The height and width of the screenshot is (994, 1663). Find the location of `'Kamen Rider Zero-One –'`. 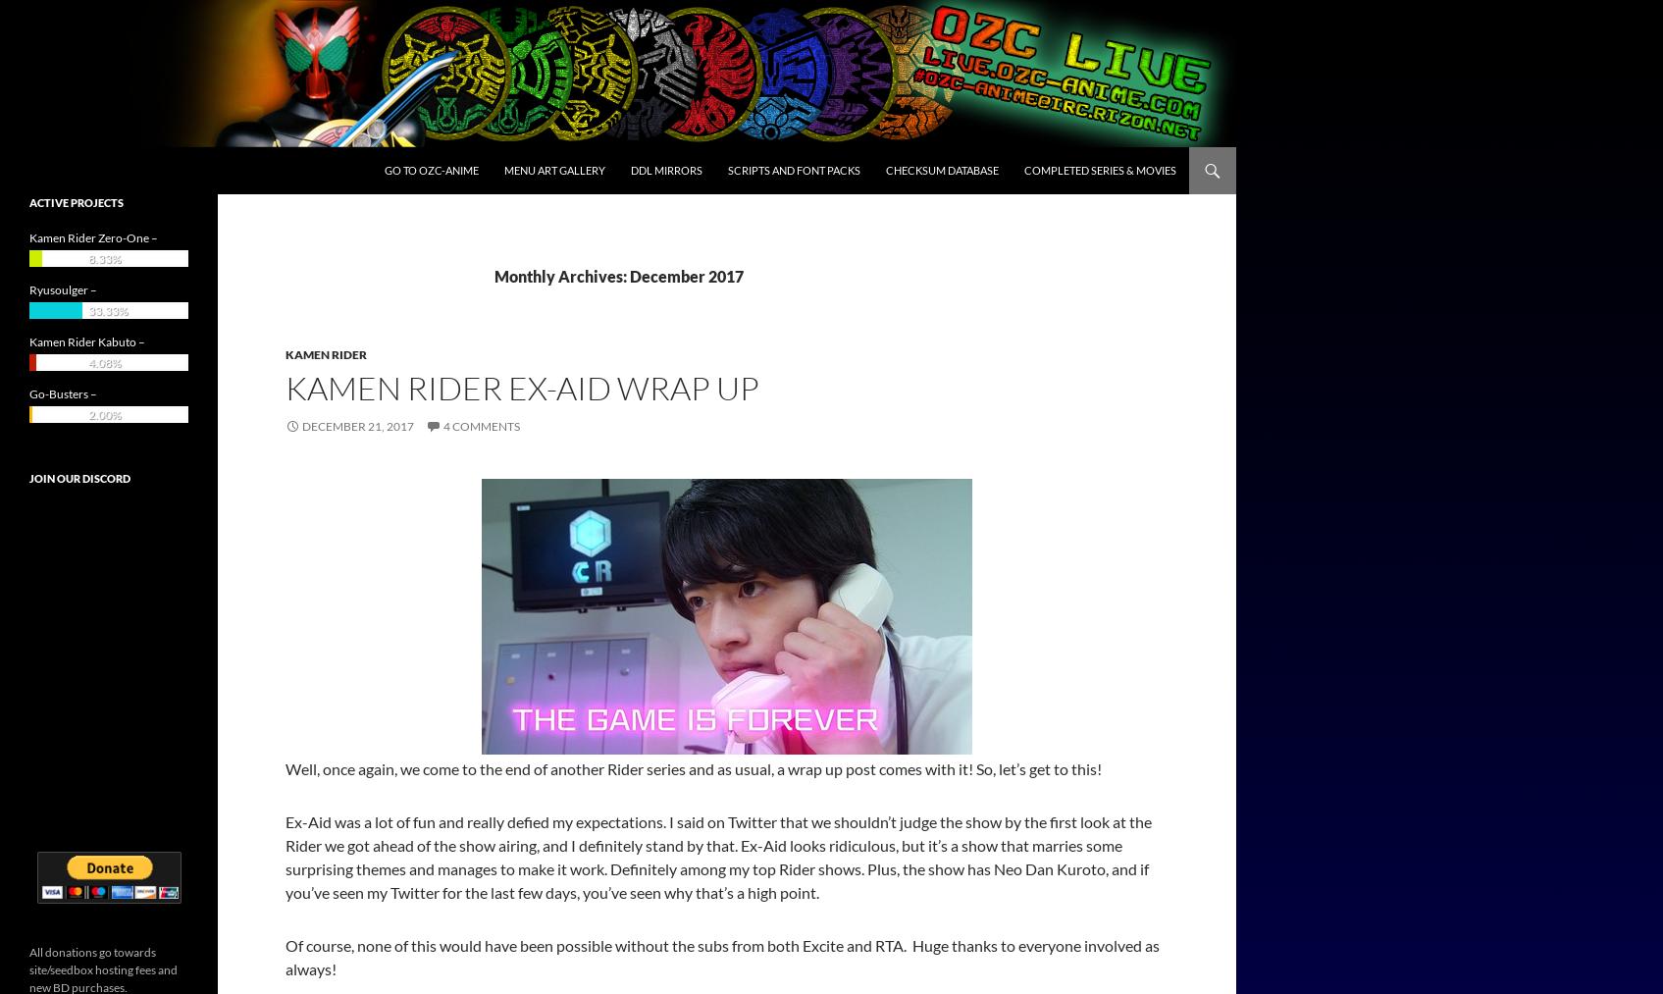

'Kamen Rider Zero-One –' is located at coordinates (92, 236).